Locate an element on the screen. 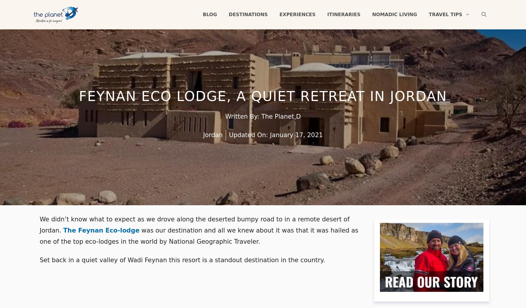  'Itineraries' is located at coordinates (344, 14).